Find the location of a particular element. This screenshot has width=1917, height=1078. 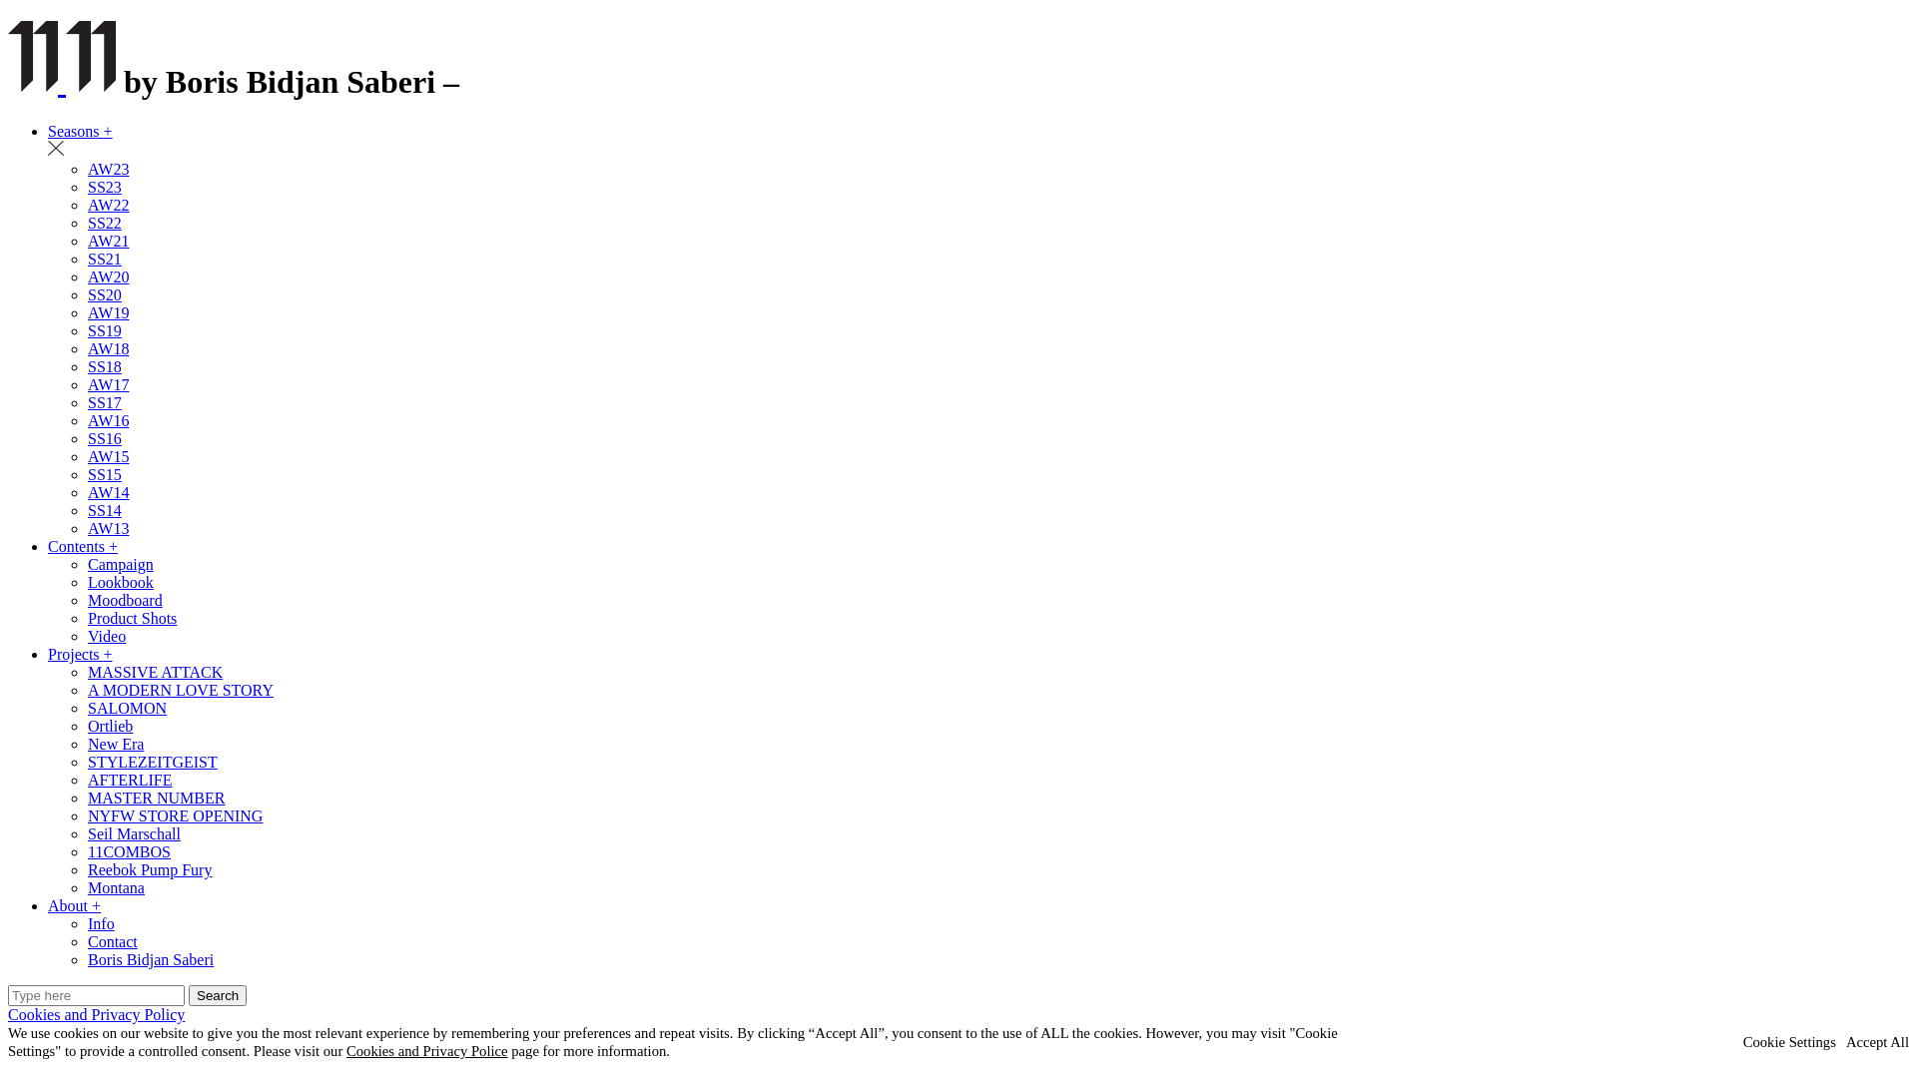

'AW13' is located at coordinates (107, 527).